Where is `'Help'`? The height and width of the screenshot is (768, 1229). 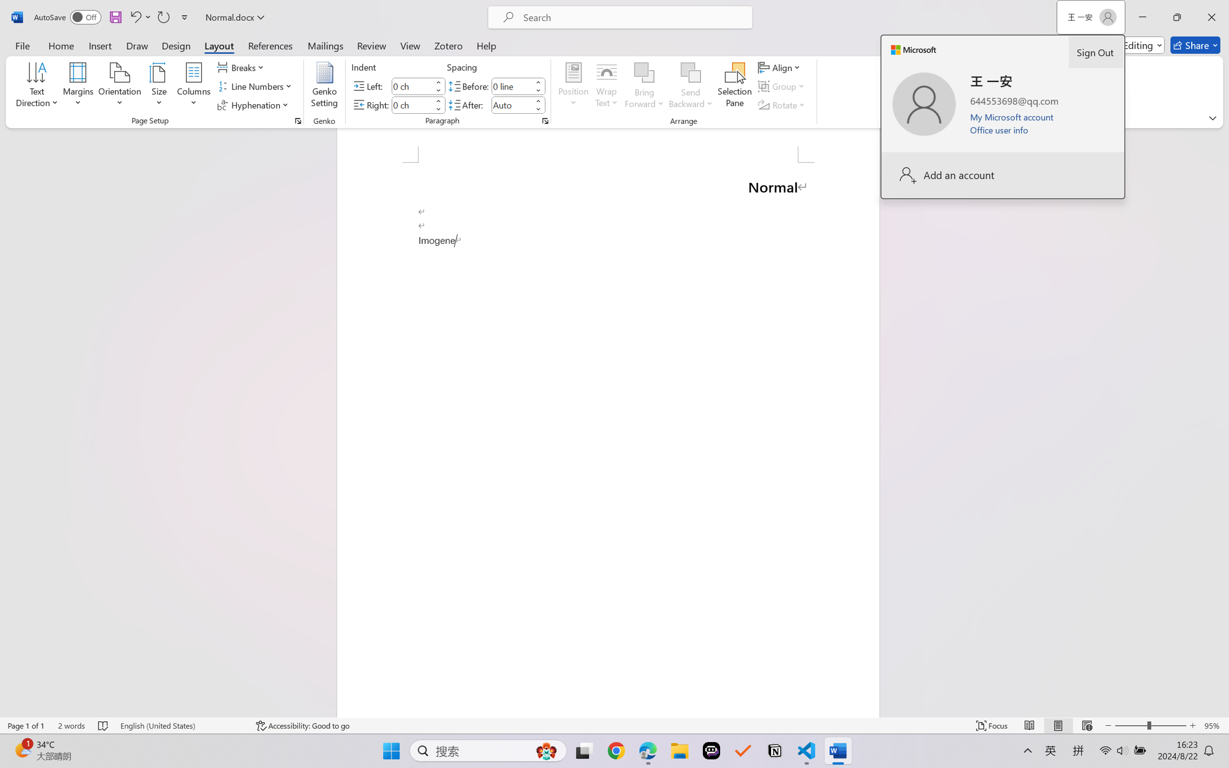 'Help' is located at coordinates (486, 45).